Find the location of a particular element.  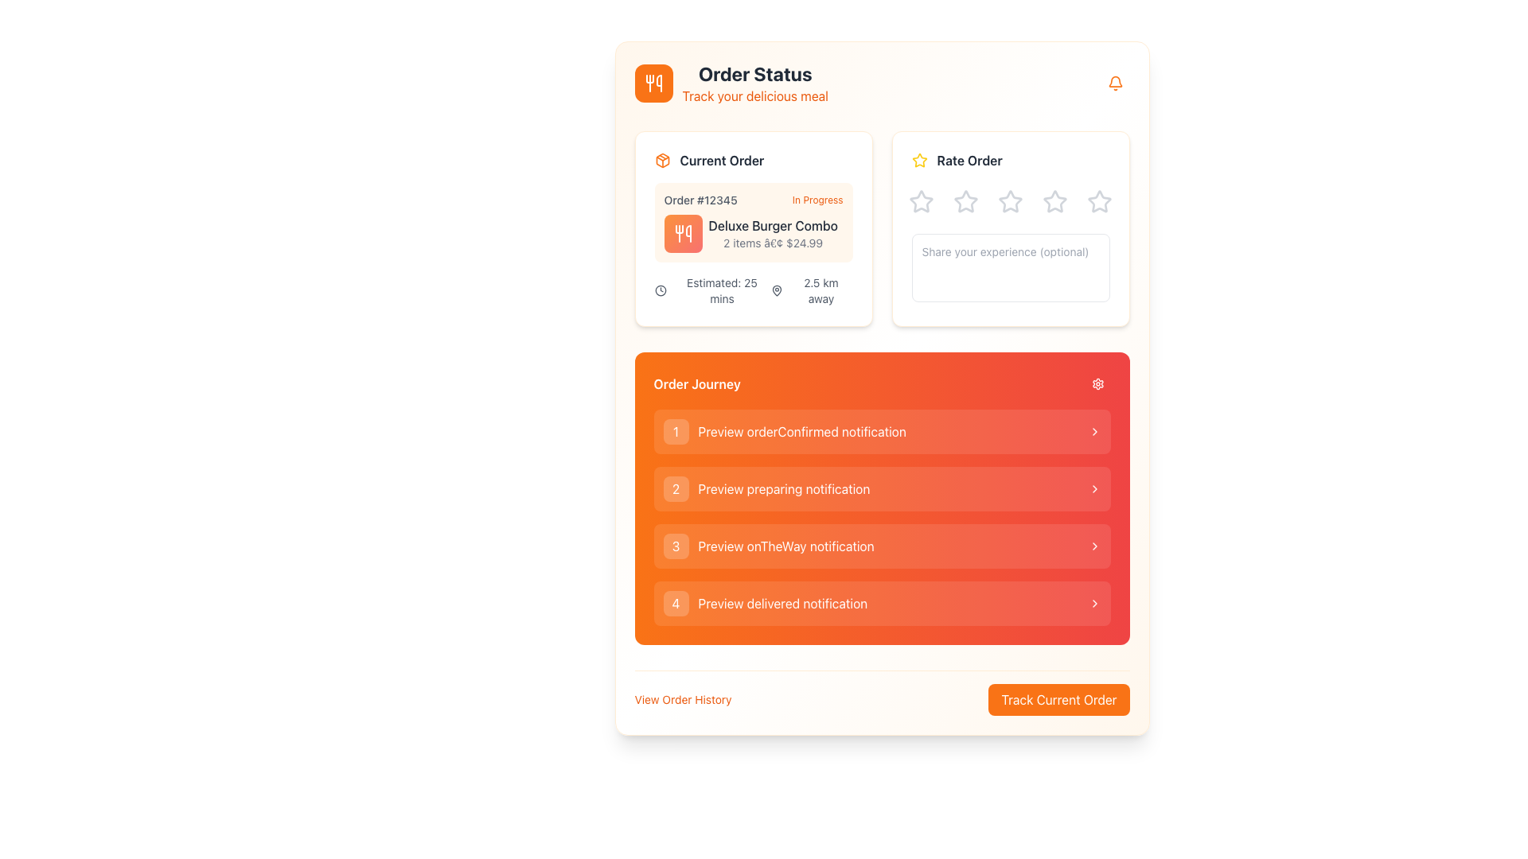

the first Button-like list item displaying 'Preview orderConfirmed notification', which contains a small icon with '1' and a right-pointing chevron icon, located under the 'Order Journey' header is located at coordinates (881, 432).